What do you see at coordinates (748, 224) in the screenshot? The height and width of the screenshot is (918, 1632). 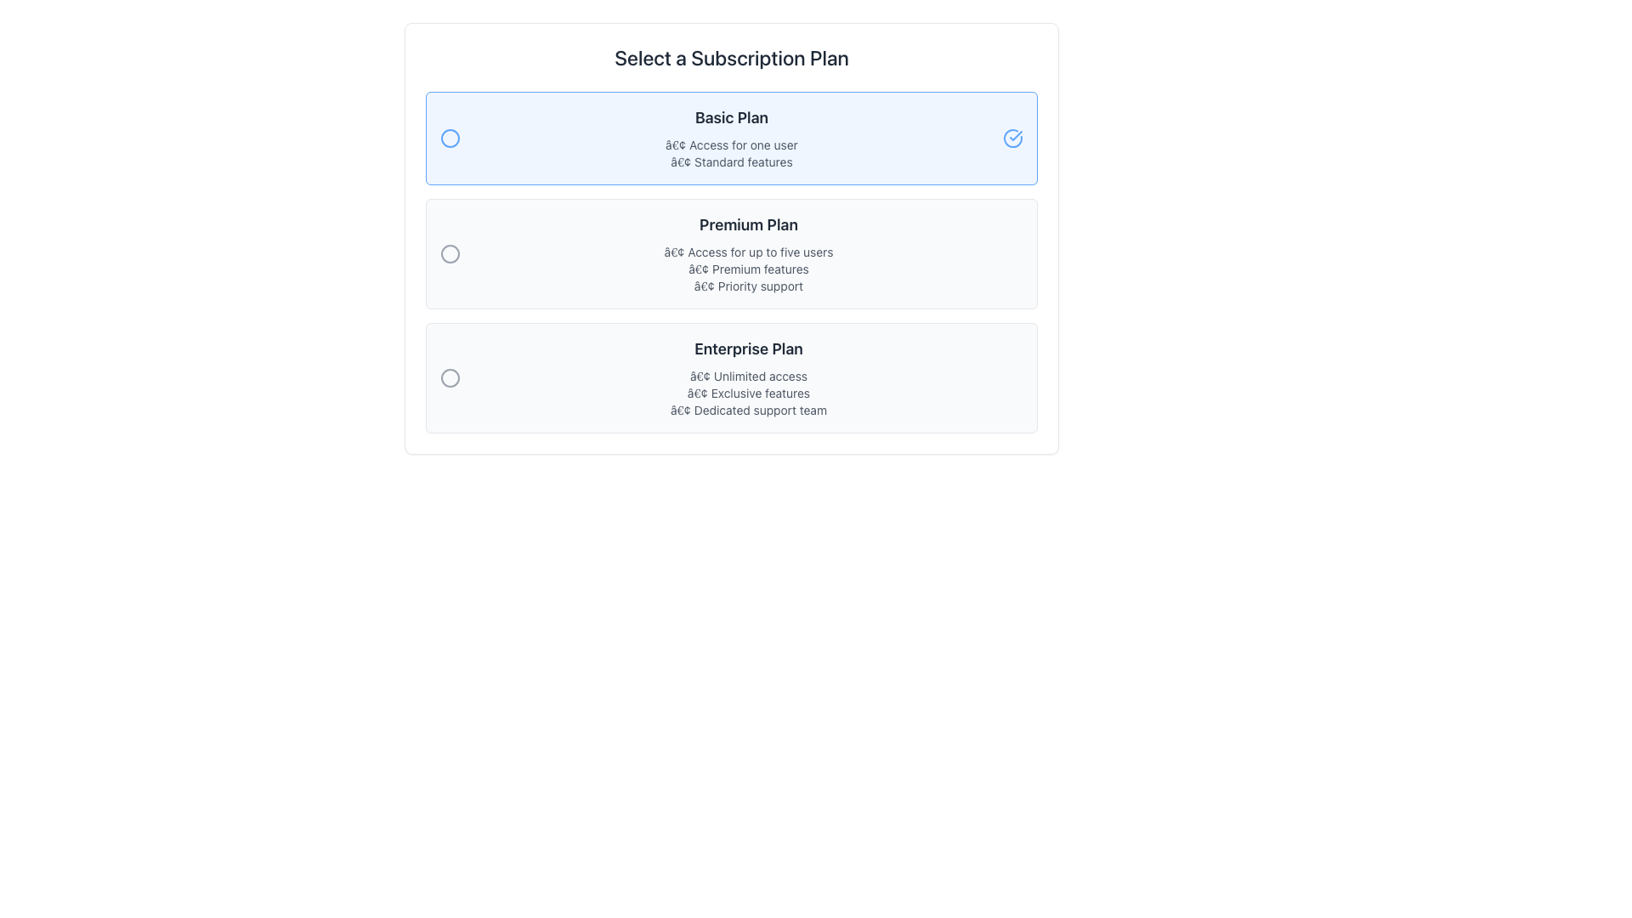 I see `the 'Premium Plan' static text element to interact with nearby components` at bounding box center [748, 224].